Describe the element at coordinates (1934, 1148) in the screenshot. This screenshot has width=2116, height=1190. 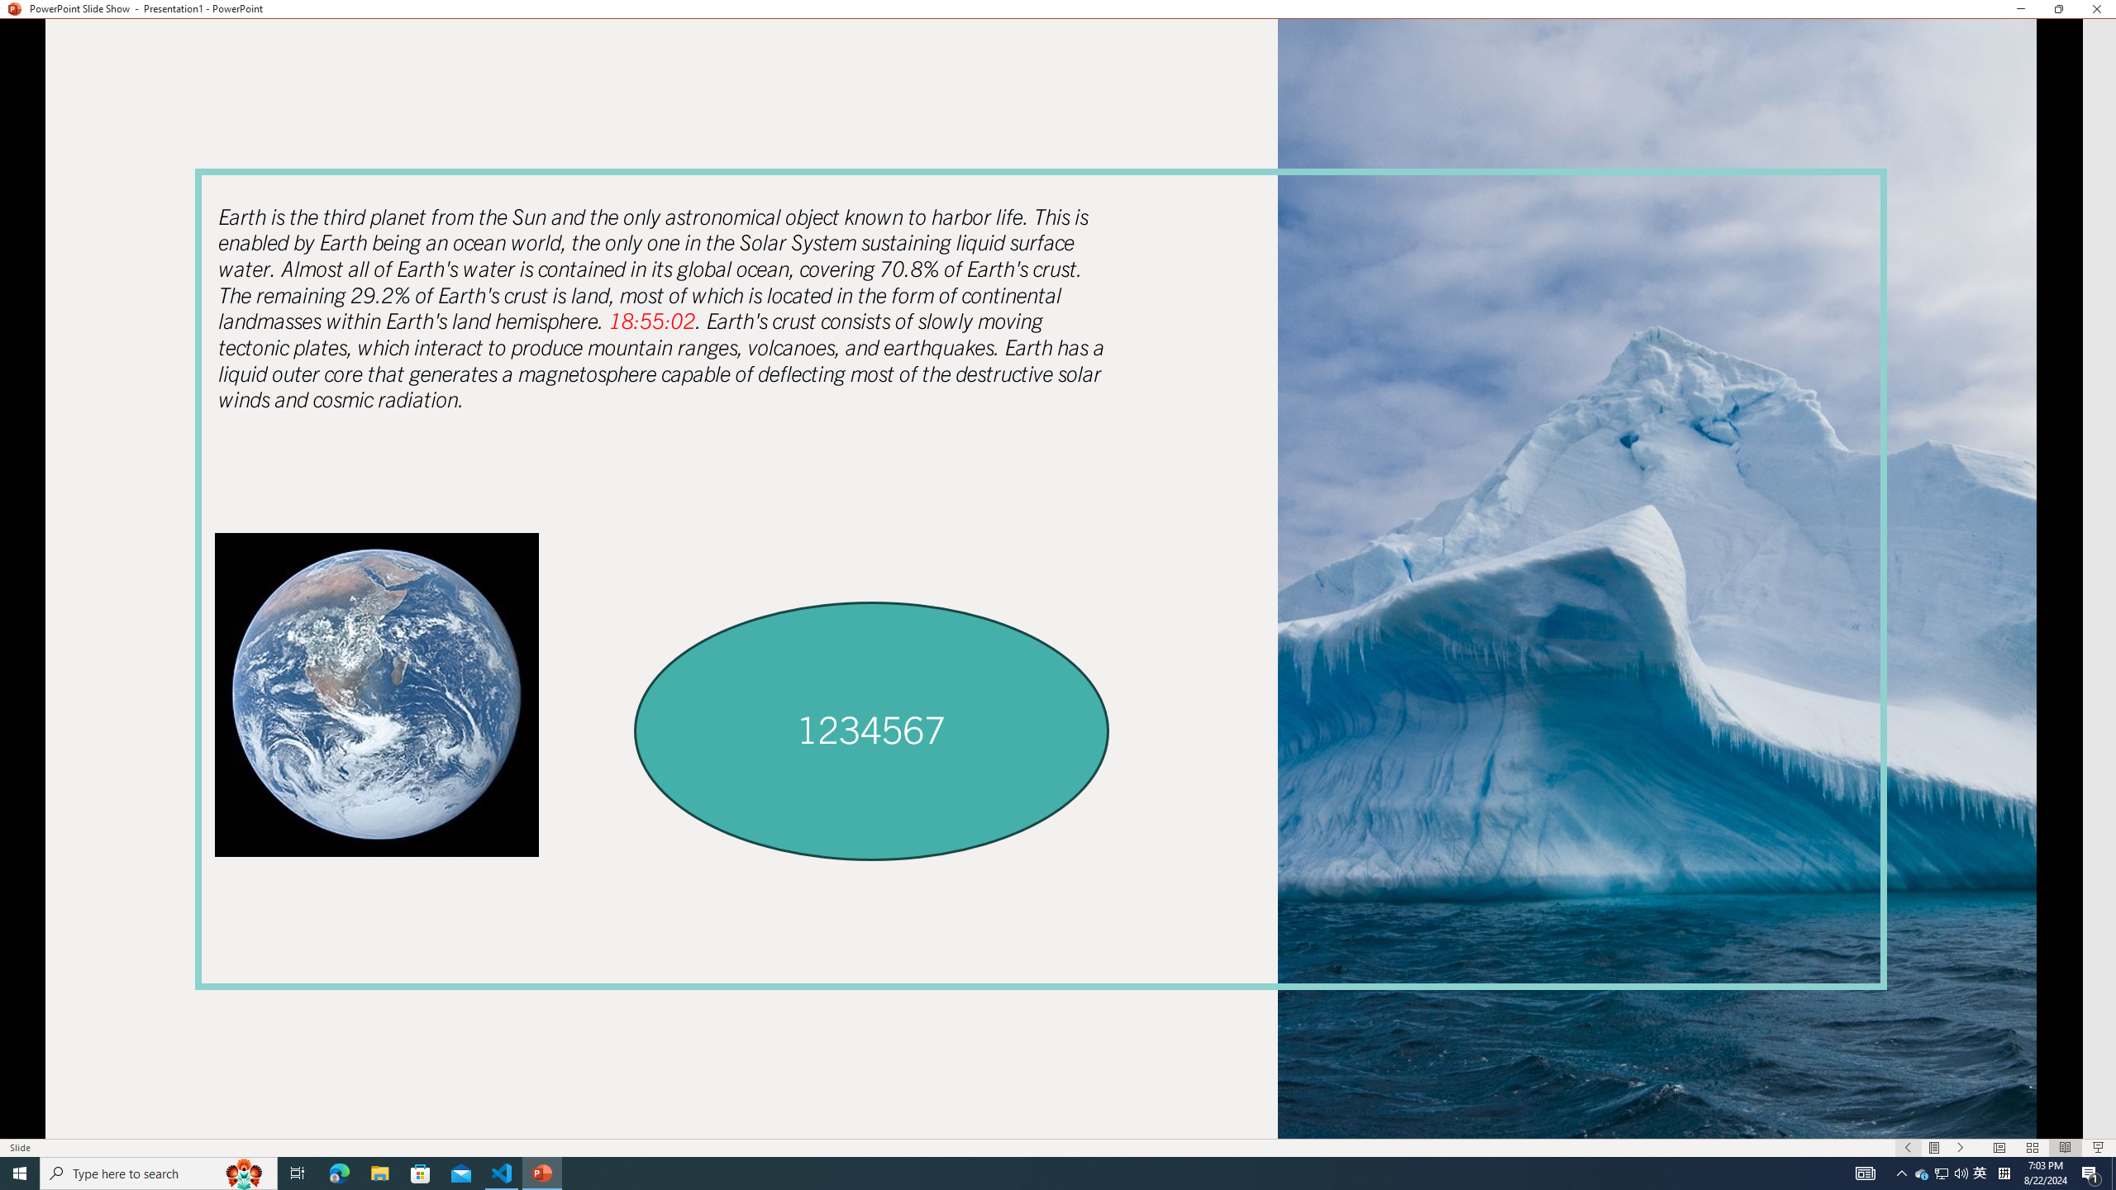
I see `'Menu On'` at that location.